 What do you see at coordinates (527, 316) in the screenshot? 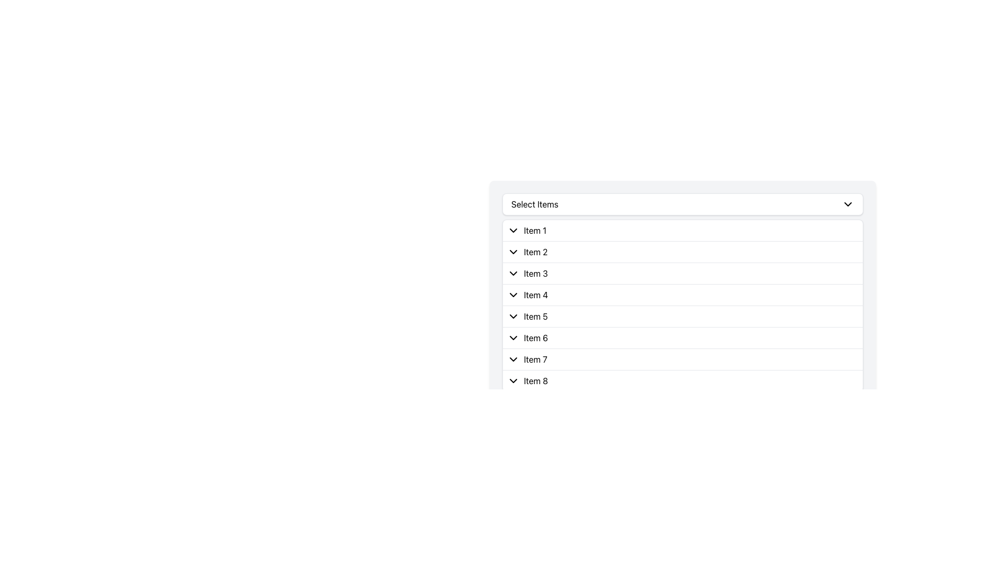
I see `the fifth list item in the dropdown menu` at bounding box center [527, 316].